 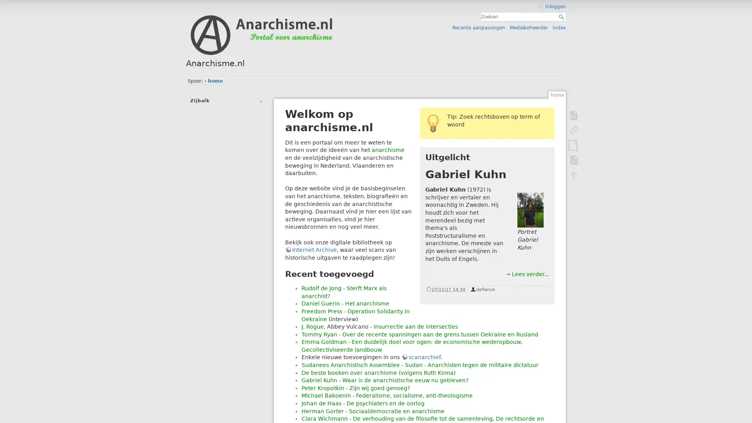 What do you see at coordinates (562, 16) in the screenshot?
I see `Zoeken` at bounding box center [562, 16].